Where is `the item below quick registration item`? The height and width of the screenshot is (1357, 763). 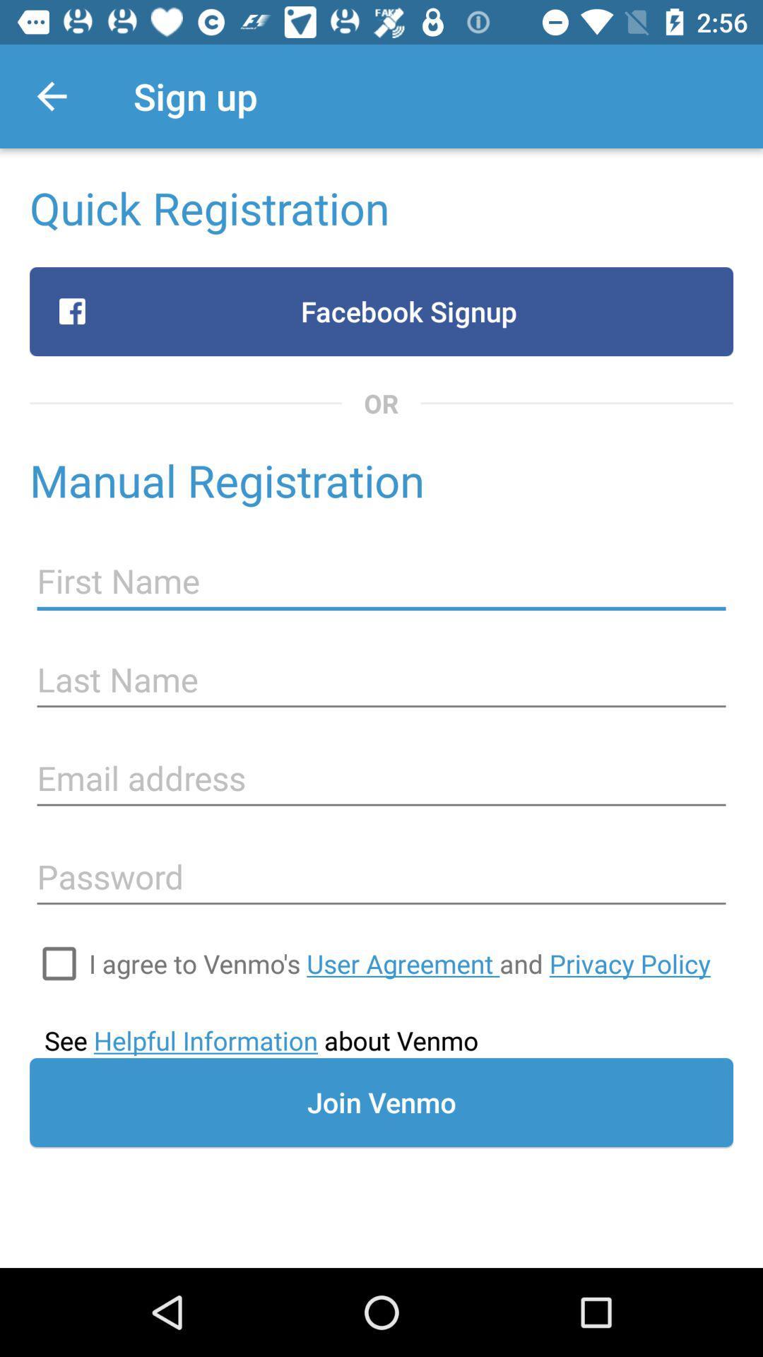
the item below quick registration item is located at coordinates (381, 311).